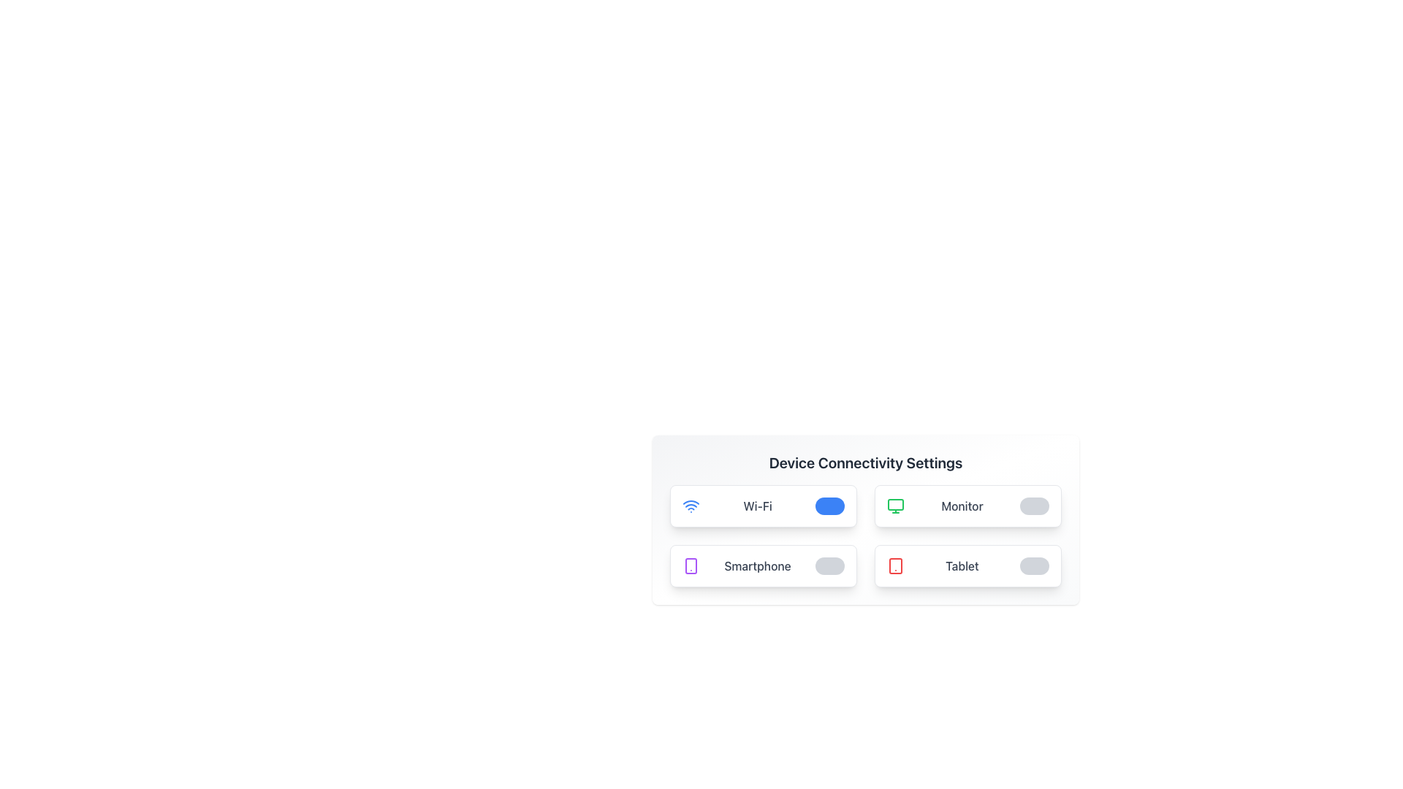  What do you see at coordinates (866, 462) in the screenshot?
I see `the Text header that serves as the title for the connectivity settings section, located above the option panels` at bounding box center [866, 462].